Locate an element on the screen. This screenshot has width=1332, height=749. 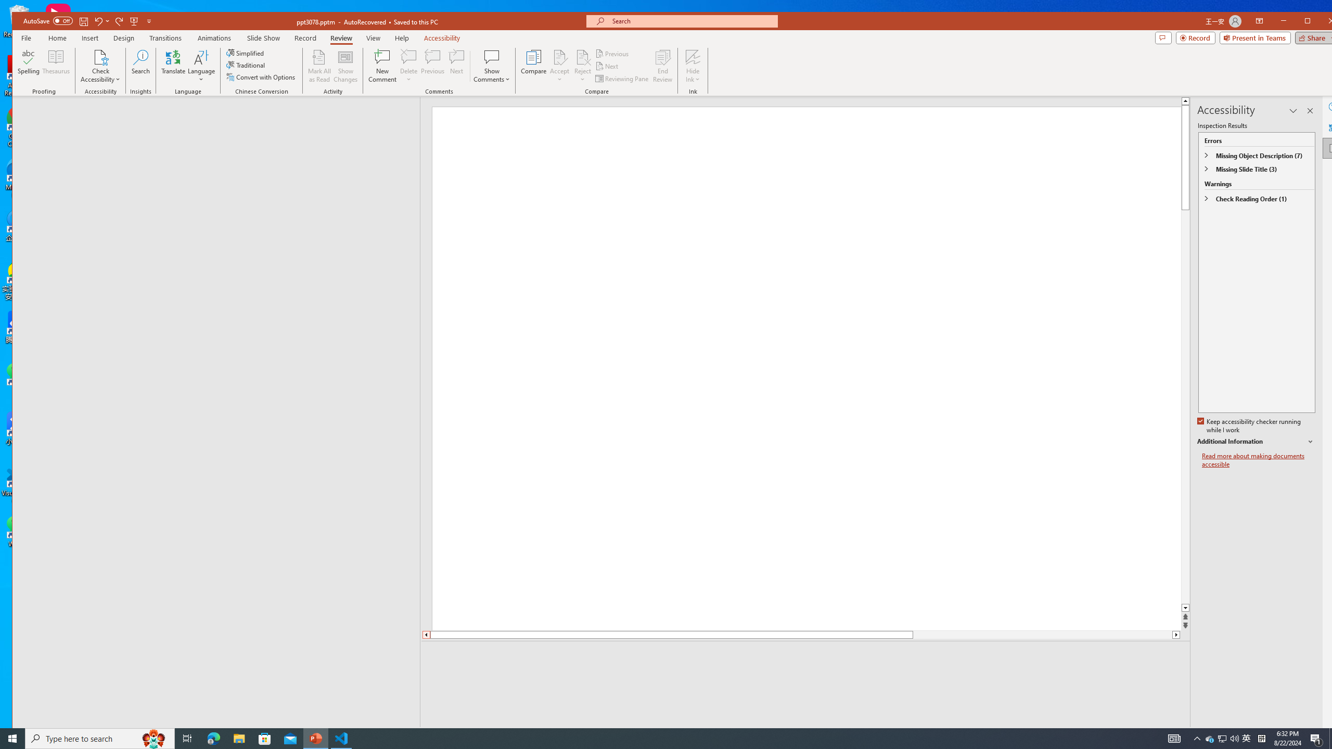
'Show Comments' is located at coordinates (492, 66).